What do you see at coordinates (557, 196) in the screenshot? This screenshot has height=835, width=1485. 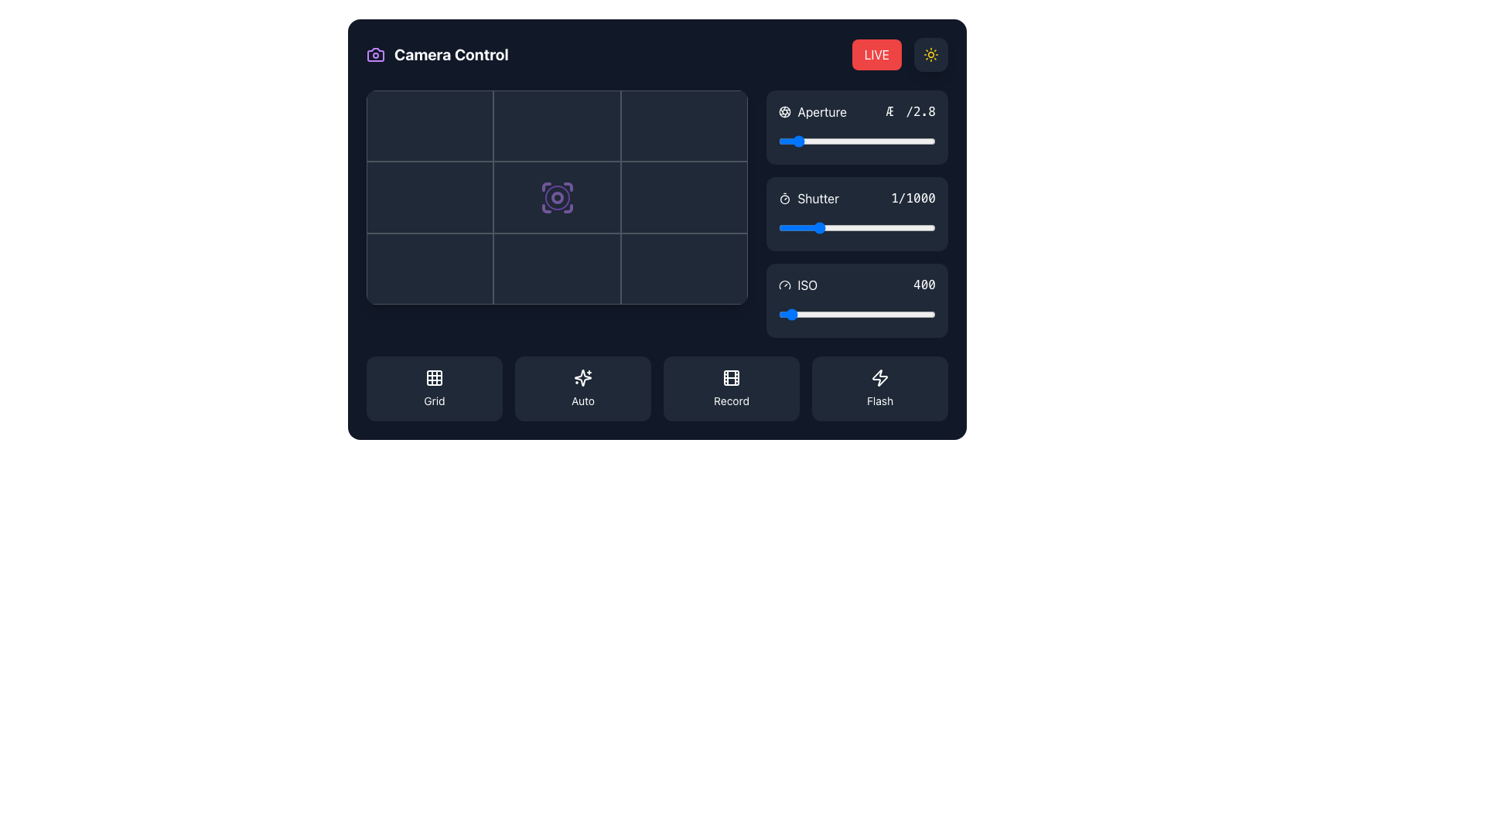 I see `the purple circular icon with a bullseye pattern located at the center of the square grid structure in the application's main view` at bounding box center [557, 196].